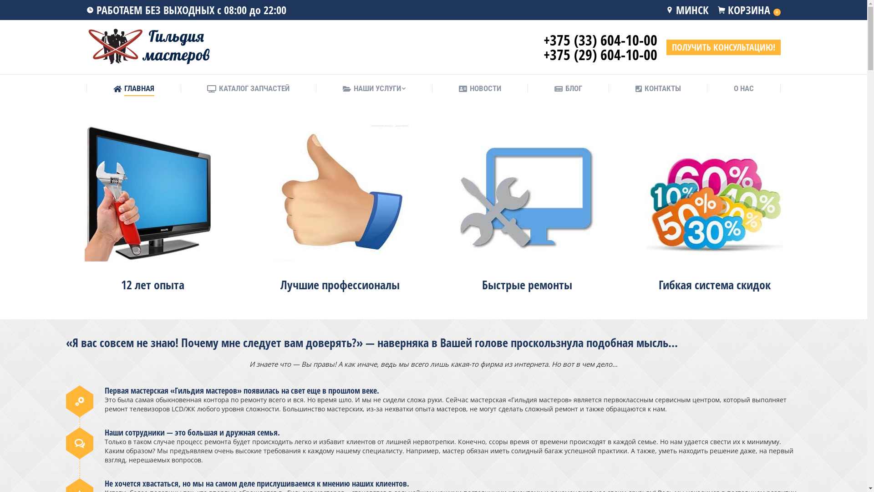 This screenshot has height=492, width=874. I want to click on '+375 (33) 604-10-00', so click(600, 39).